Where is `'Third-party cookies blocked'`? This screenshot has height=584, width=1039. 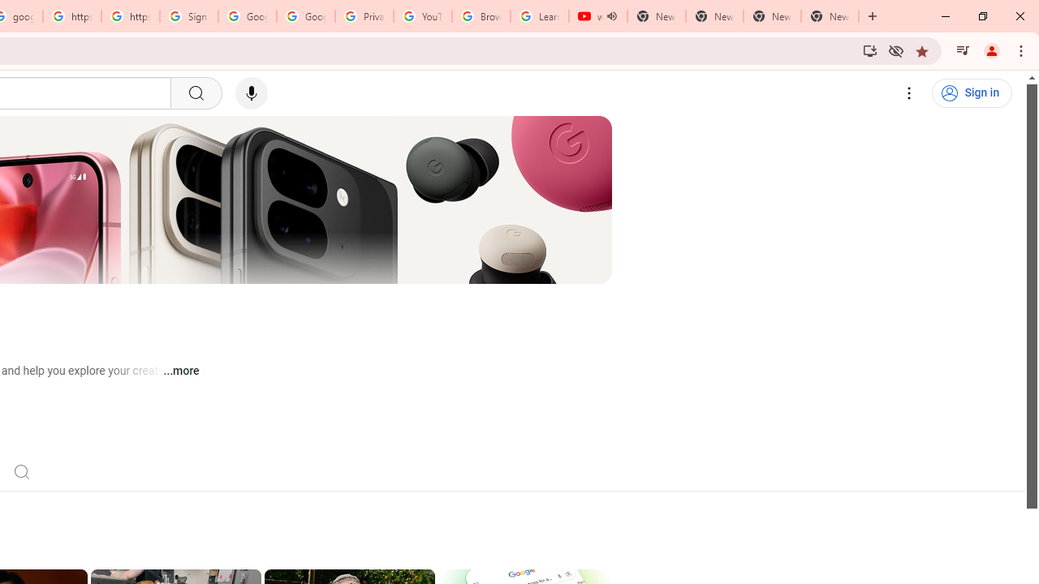
'Third-party cookies blocked' is located at coordinates (895, 49).